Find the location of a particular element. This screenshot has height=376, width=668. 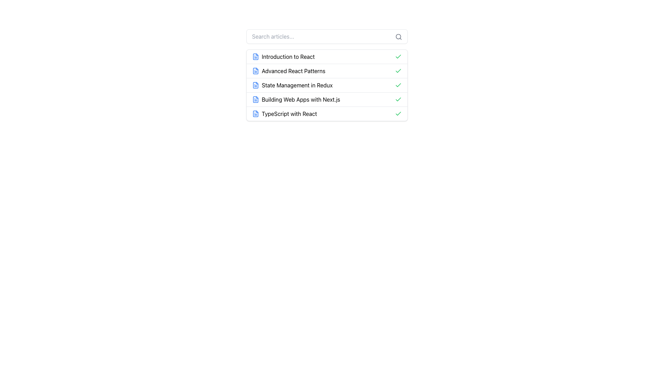

the second menu item in the vertical list under 'Search articles...' is located at coordinates (326, 75).